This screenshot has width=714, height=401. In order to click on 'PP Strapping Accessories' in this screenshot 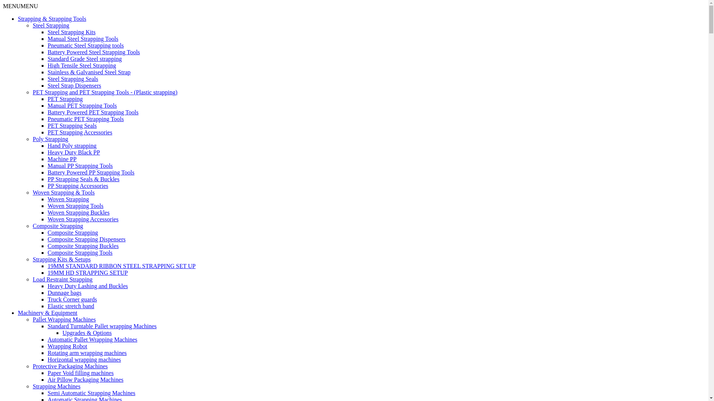, I will do `click(78, 185)`.